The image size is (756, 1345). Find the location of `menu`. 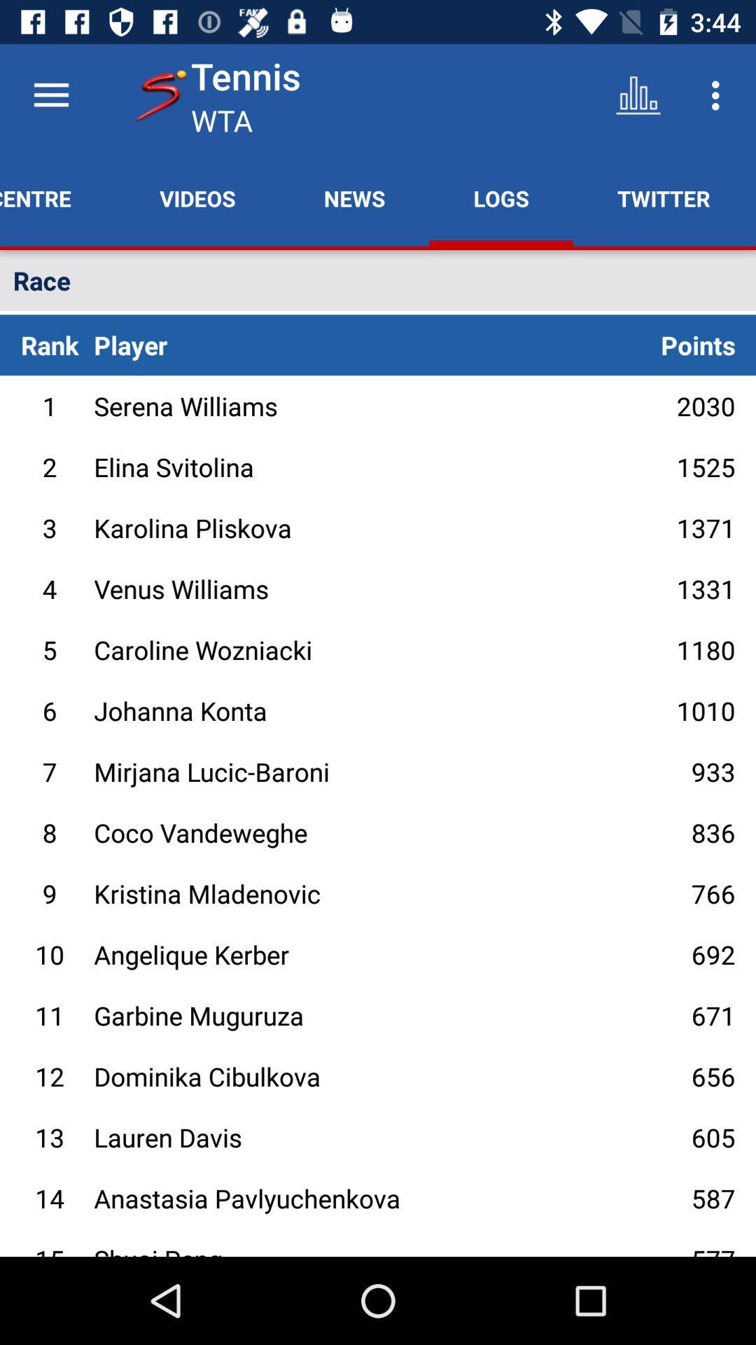

menu is located at coordinates (50, 95).